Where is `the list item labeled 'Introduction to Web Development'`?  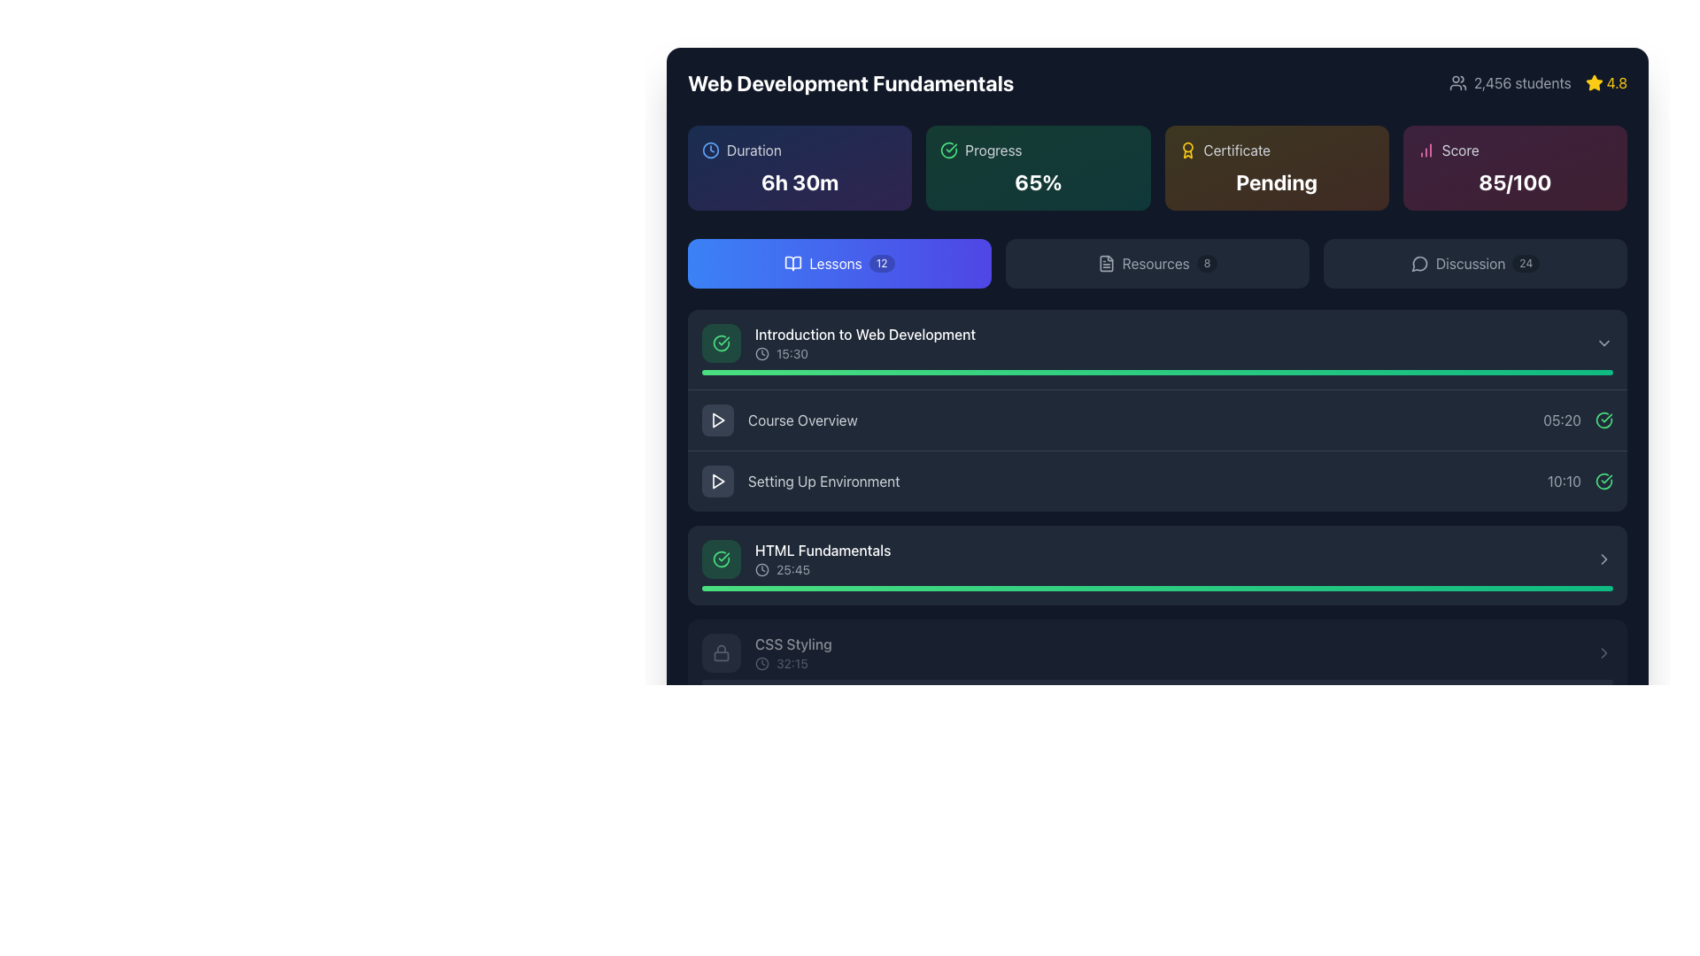
the list item labeled 'Introduction to Web Development' is located at coordinates (865, 343).